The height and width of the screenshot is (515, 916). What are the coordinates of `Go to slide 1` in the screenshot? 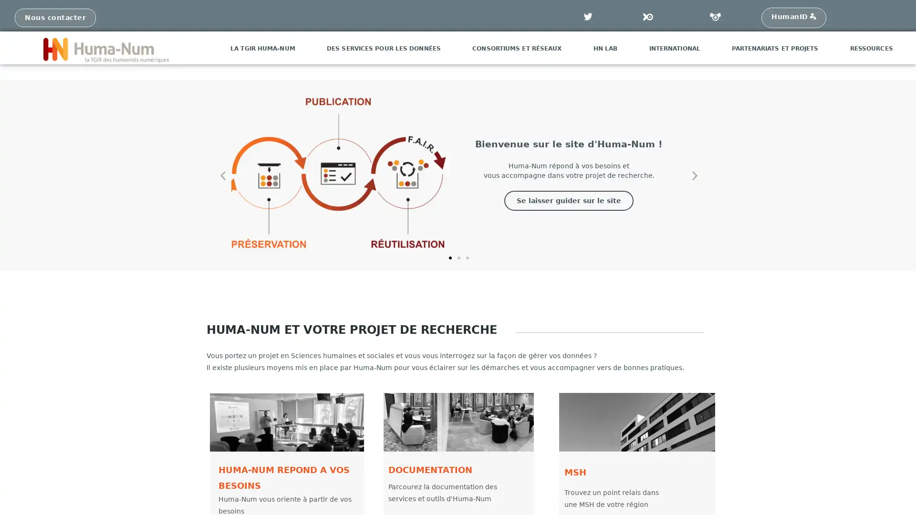 It's located at (449, 257).